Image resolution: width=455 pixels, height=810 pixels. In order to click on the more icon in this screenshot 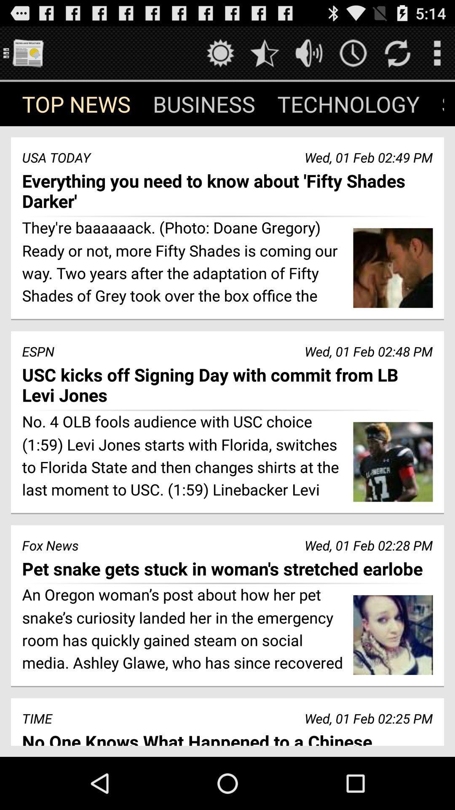, I will do `click(436, 56)`.